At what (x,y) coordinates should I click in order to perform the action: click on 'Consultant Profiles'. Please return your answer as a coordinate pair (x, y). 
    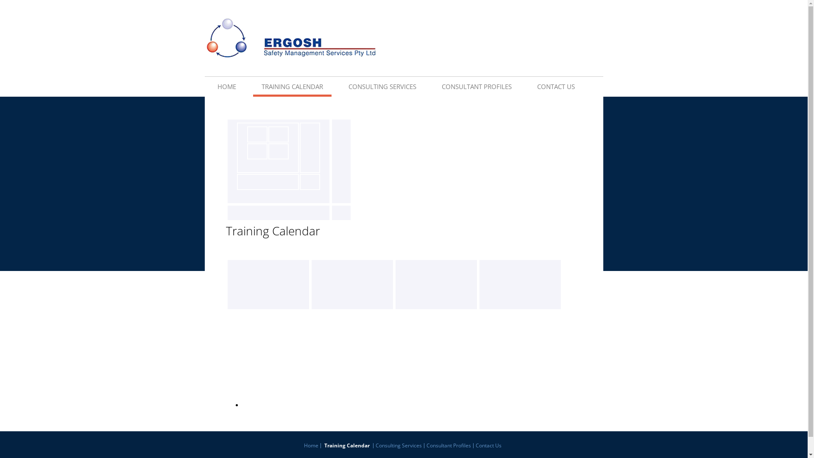
    Looking at the image, I should click on (424, 445).